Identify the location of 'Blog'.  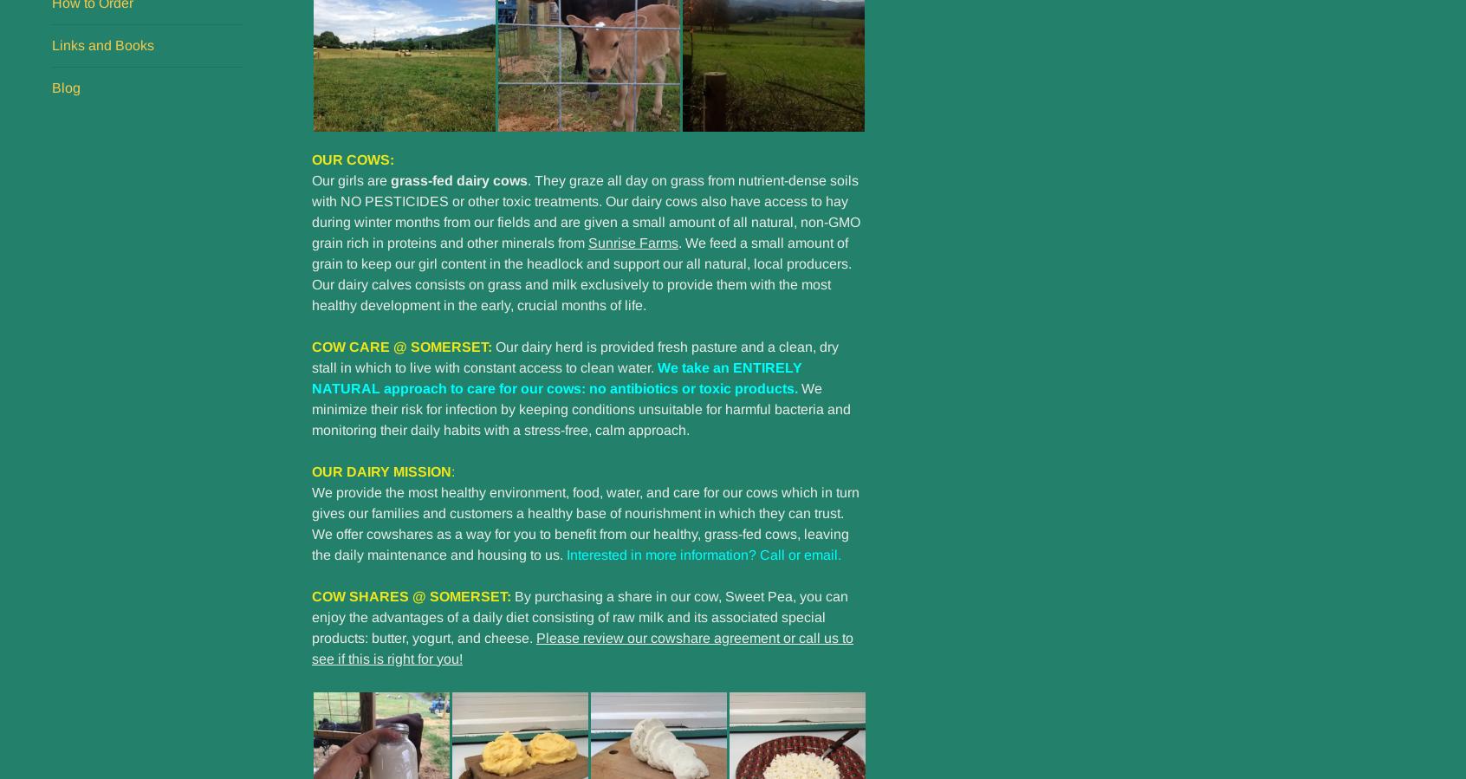
(66, 86).